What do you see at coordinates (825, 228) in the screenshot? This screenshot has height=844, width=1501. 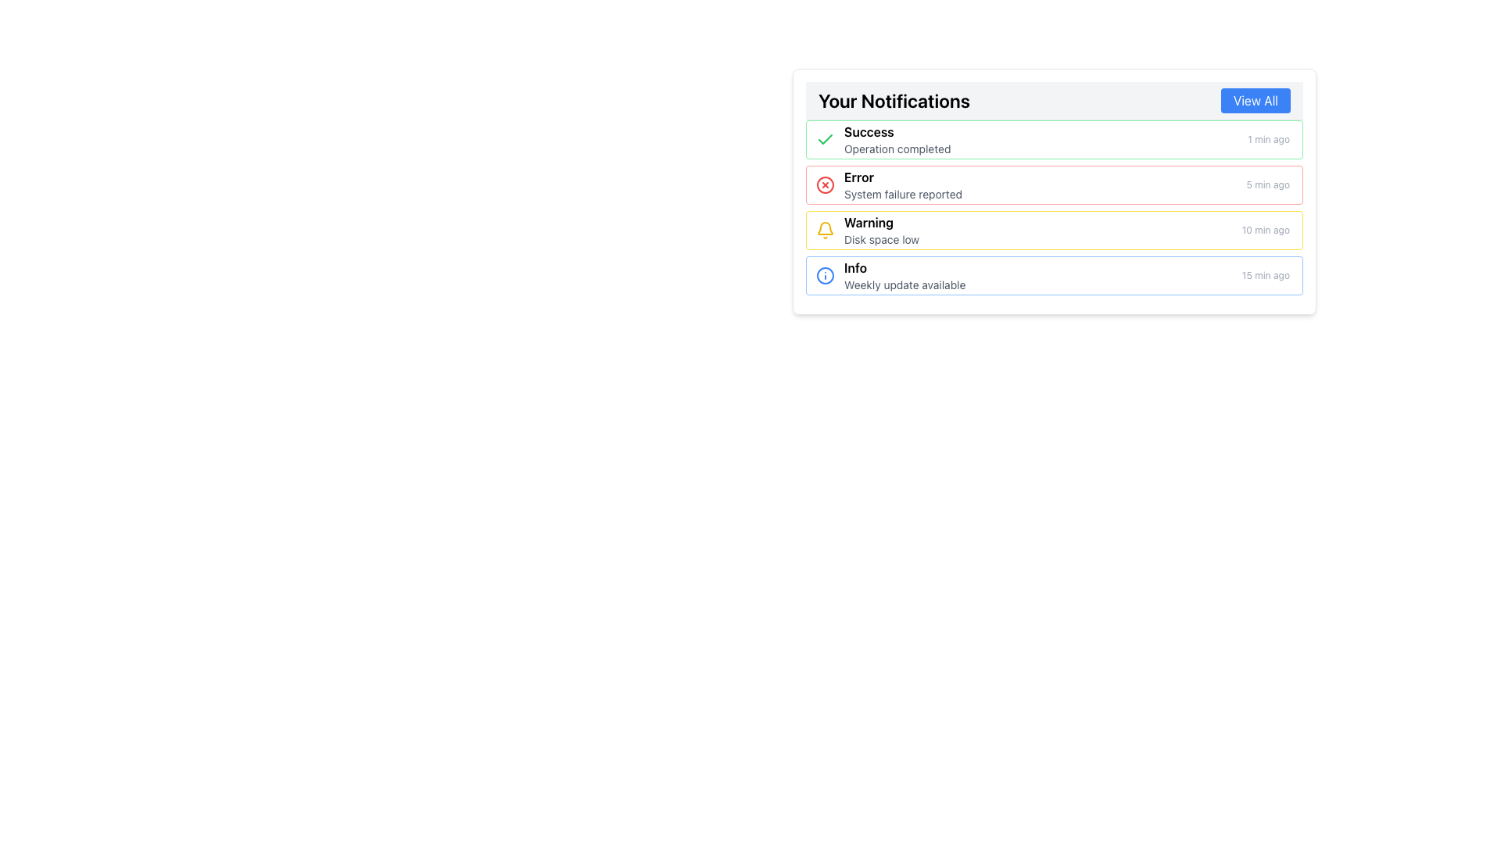 I see `the notification icon, which is a vector graphic component located in the top-right corner of the user interface` at bounding box center [825, 228].